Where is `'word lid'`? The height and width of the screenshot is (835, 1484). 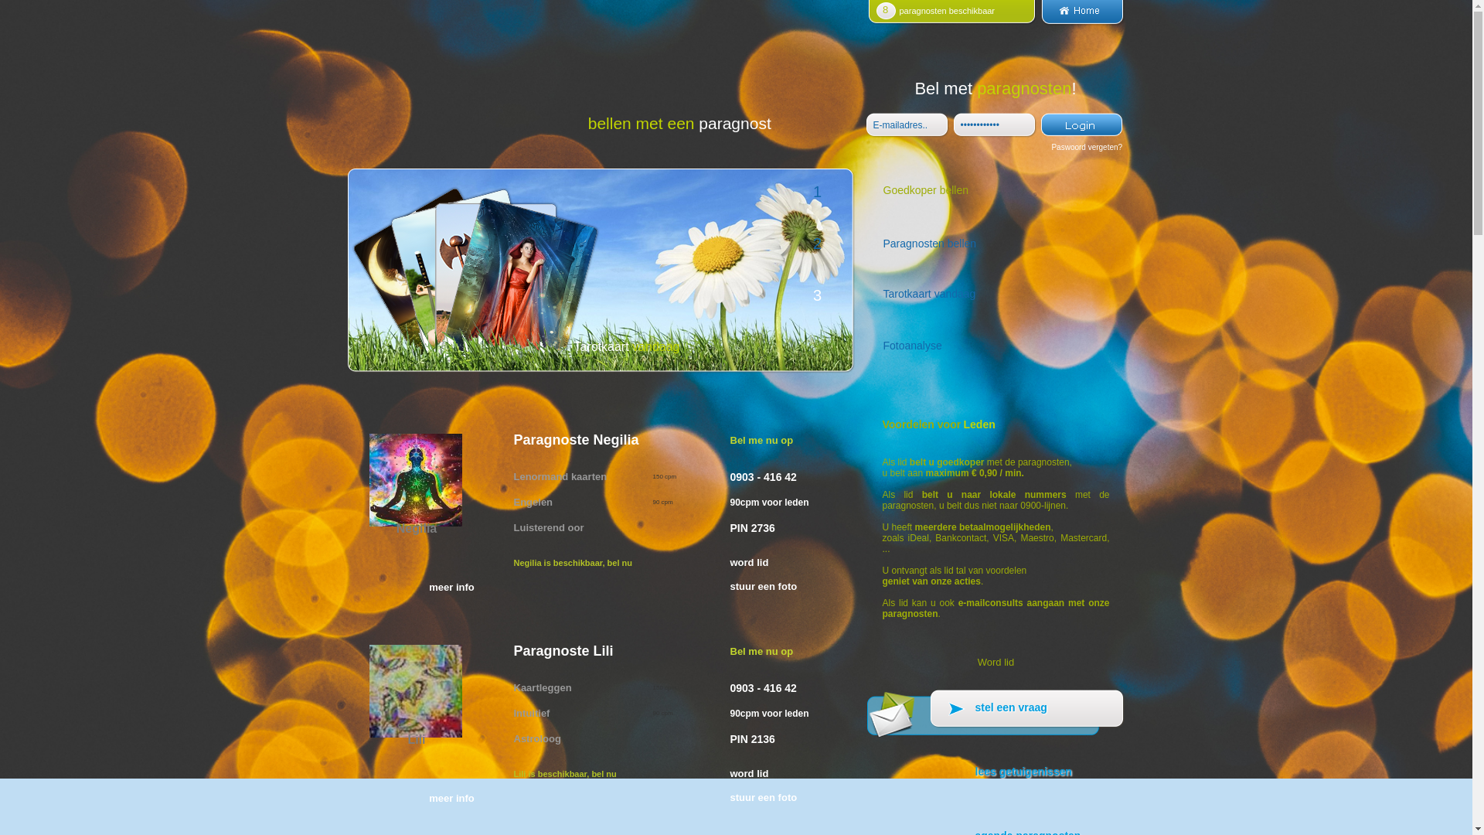
'word lid' is located at coordinates (783, 562).